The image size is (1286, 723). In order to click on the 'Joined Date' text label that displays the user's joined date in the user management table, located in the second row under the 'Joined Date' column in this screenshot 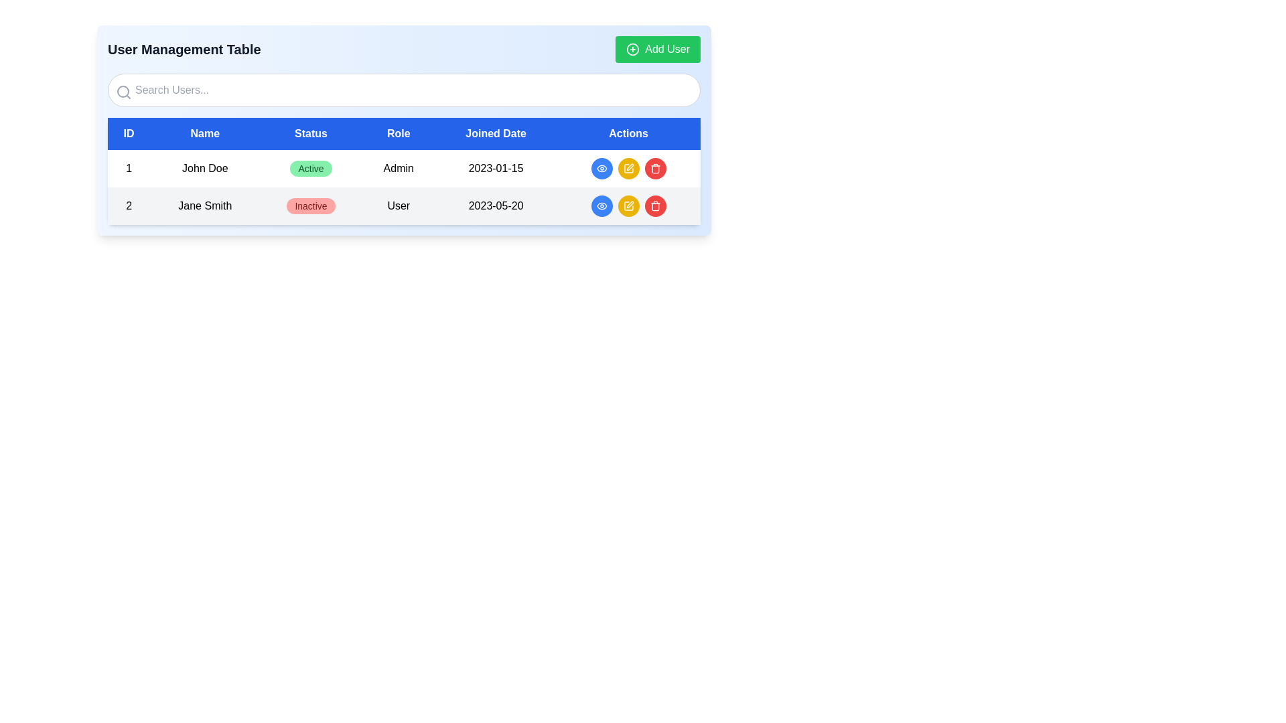, I will do `click(495, 206)`.